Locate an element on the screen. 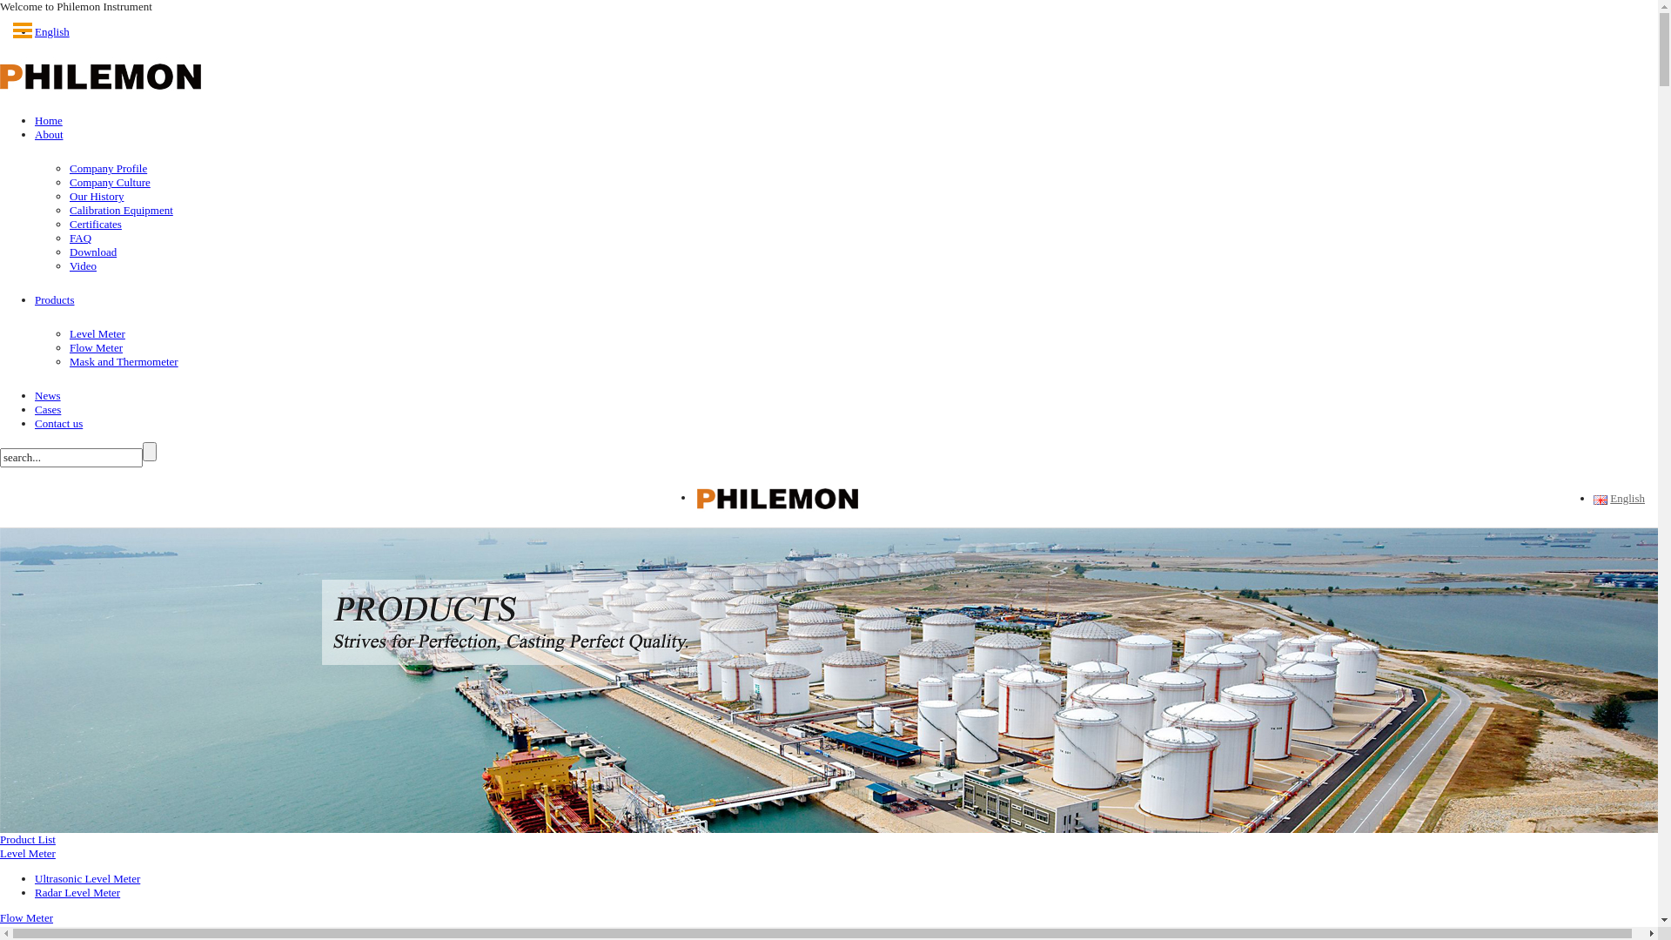  'Flow Meter' is located at coordinates (0, 916).